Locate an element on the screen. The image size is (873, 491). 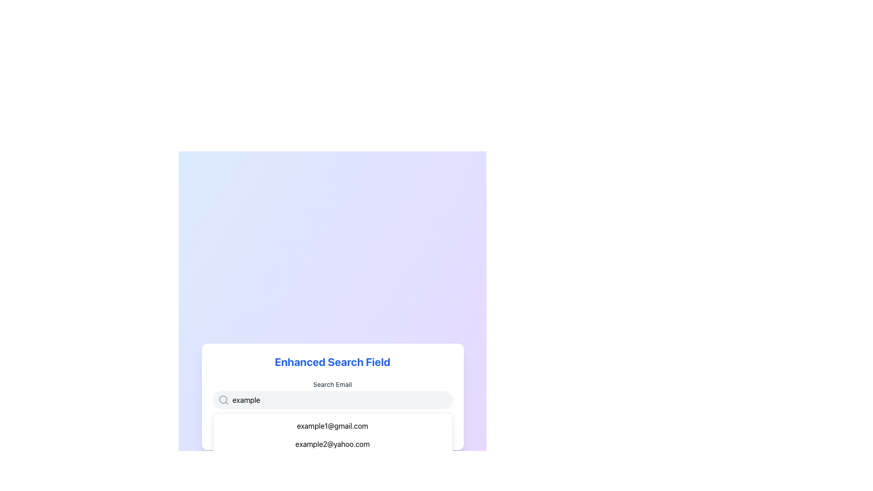
the selectable item representing the email address 'example1@gmail.com' in the dropdown list is located at coordinates (332, 426).